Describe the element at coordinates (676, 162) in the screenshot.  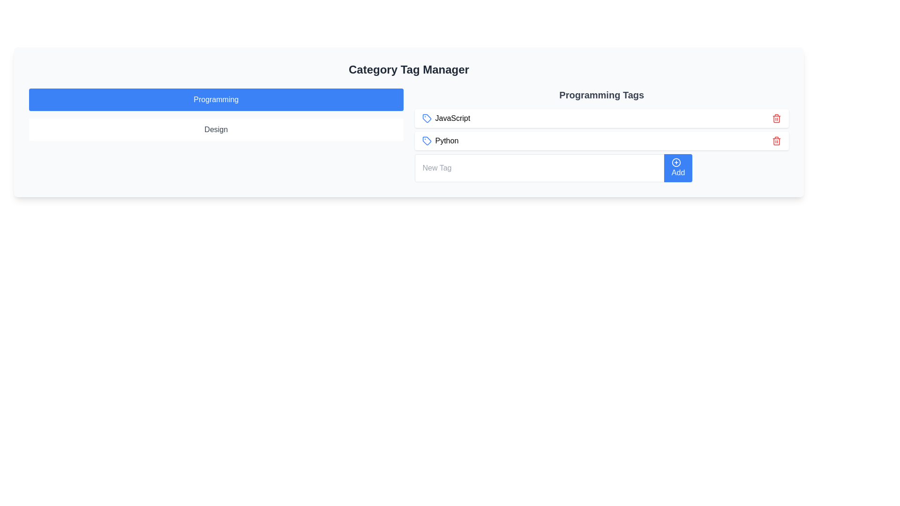
I see `the circular icon within the blue 'Add' button in the 'Programming Tags' section for additional visual feedback` at that location.